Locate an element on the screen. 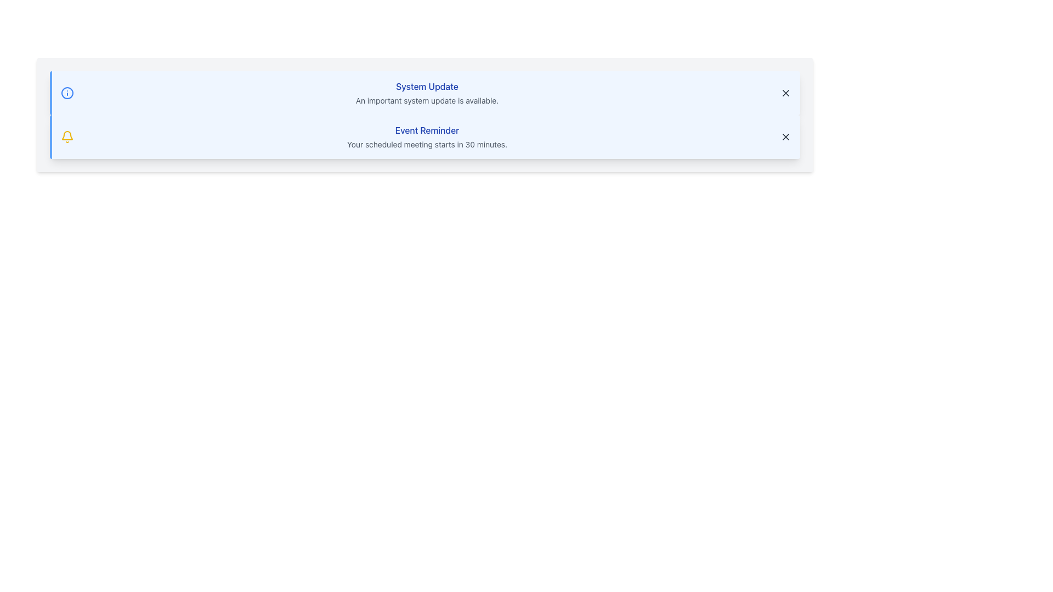 This screenshot has height=592, width=1053. informational text located in the notification area, which provides details about the system update notification, situated below the 'System Update' heading is located at coordinates (426, 101).